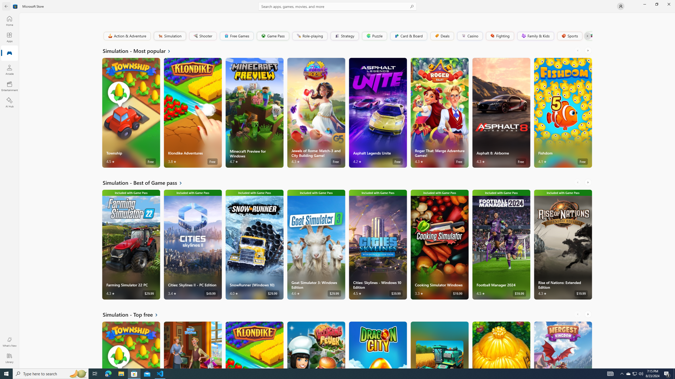 The height and width of the screenshot is (379, 675). What do you see at coordinates (9, 21) in the screenshot?
I see `'Home'` at bounding box center [9, 21].